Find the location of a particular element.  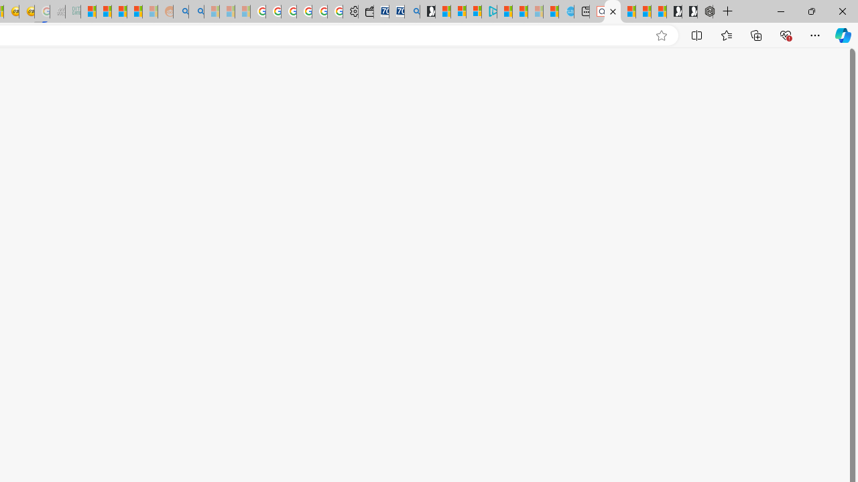

'Student Loan Update: Forgiveness Program Ends This Month' is located at coordinates (134, 11).